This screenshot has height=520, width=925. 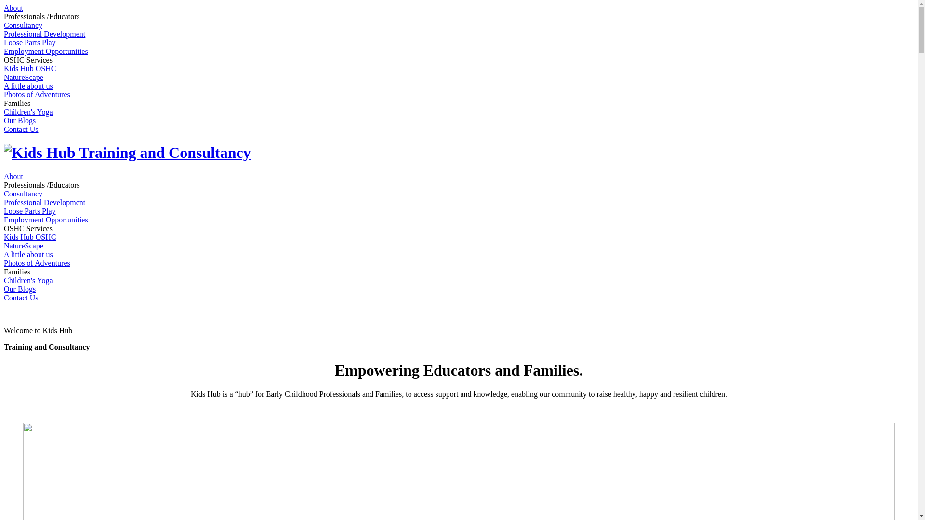 What do you see at coordinates (30, 42) in the screenshot?
I see `'Loose Parts Play'` at bounding box center [30, 42].